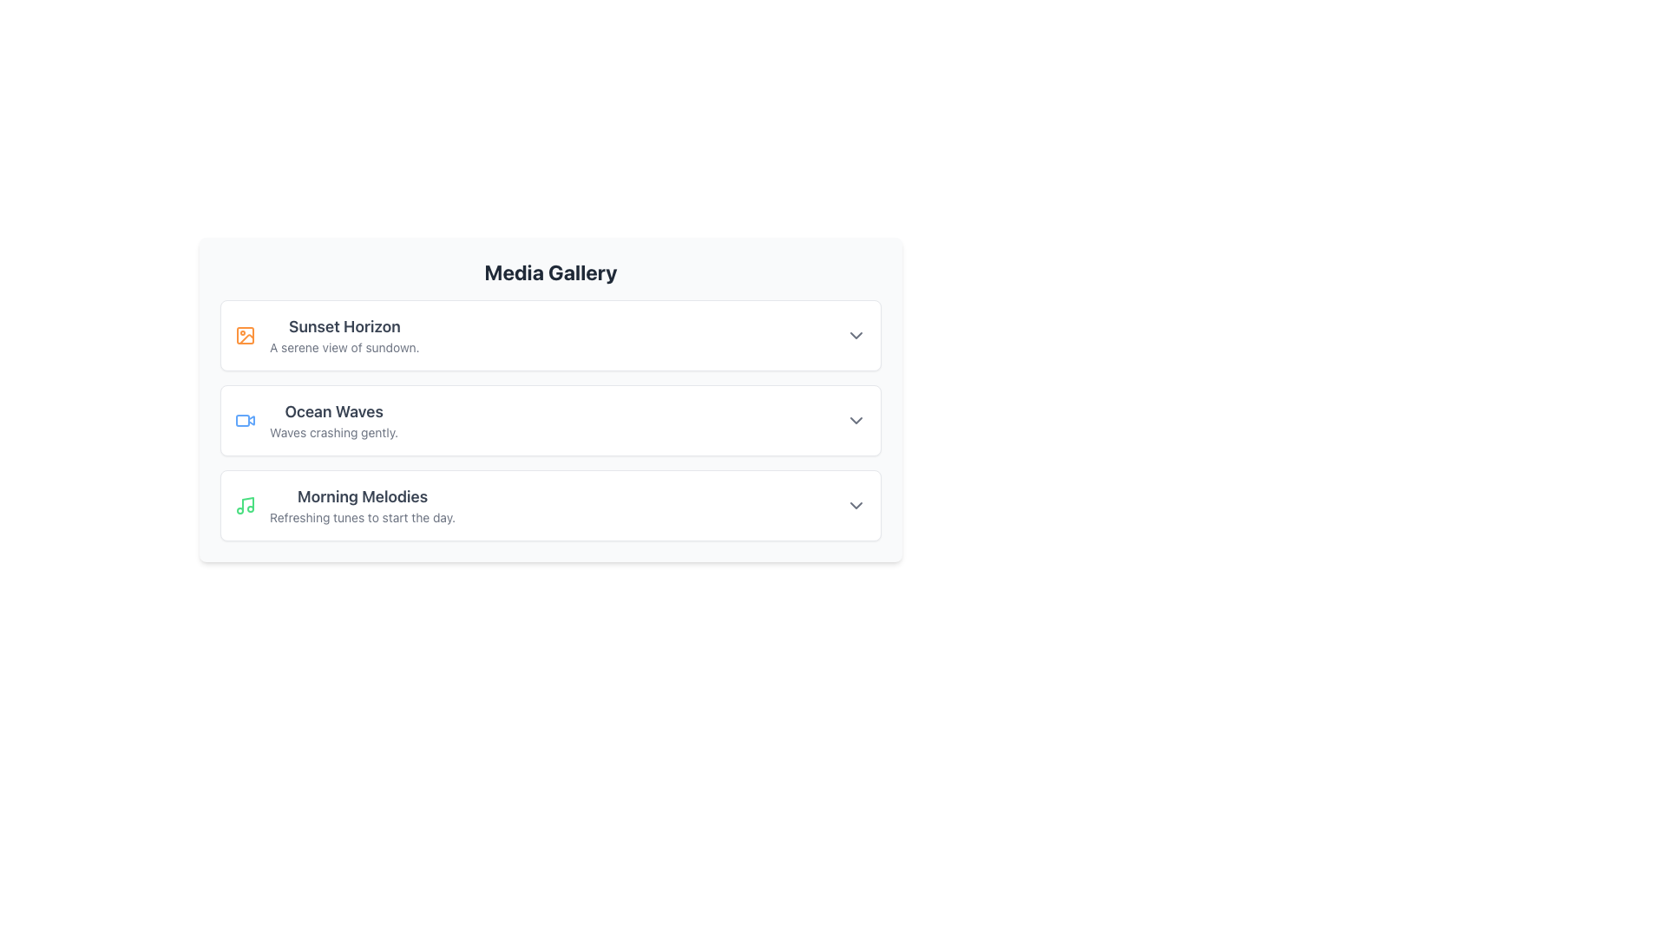  What do you see at coordinates (334, 411) in the screenshot?
I see `the text label displaying 'Ocean Waves'` at bounding box center [334, 411].